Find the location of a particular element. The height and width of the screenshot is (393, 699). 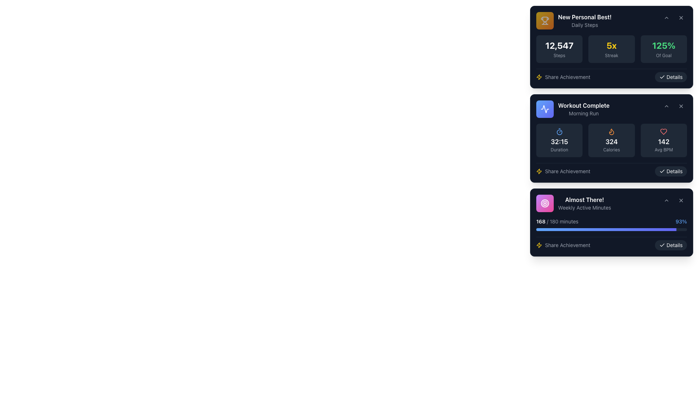

progress value from the progress bar located in the 'Almost There! Weekly Active Minutes' card, which shows the achievement of '168 / 180 minutes' and '93%' is located at coordinates (612, 234).